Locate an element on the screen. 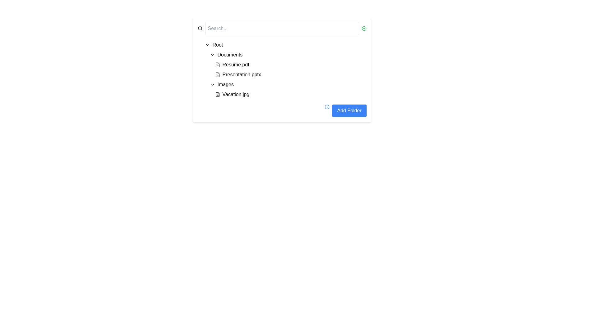  the circular blue icon with an 'i' symbol for information, which is located to the left of the 'Add Folder' button is located at coordinates (327, 106).